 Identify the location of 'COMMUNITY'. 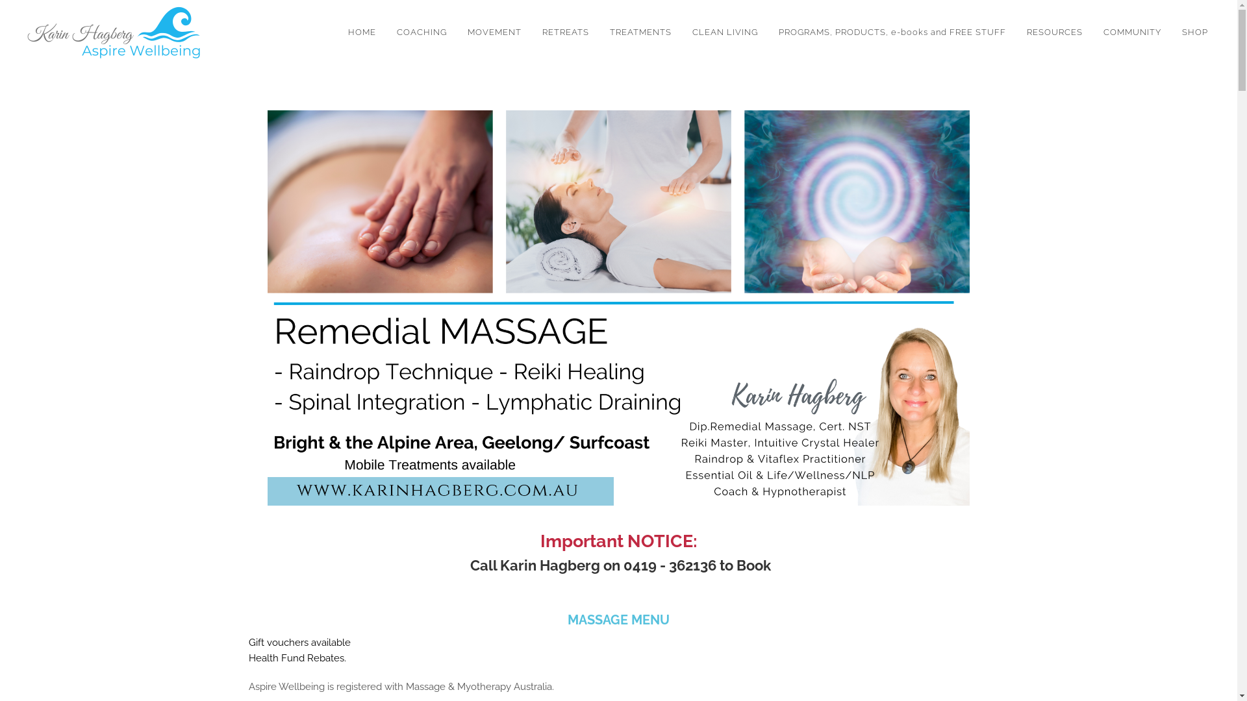
(1131, 32).